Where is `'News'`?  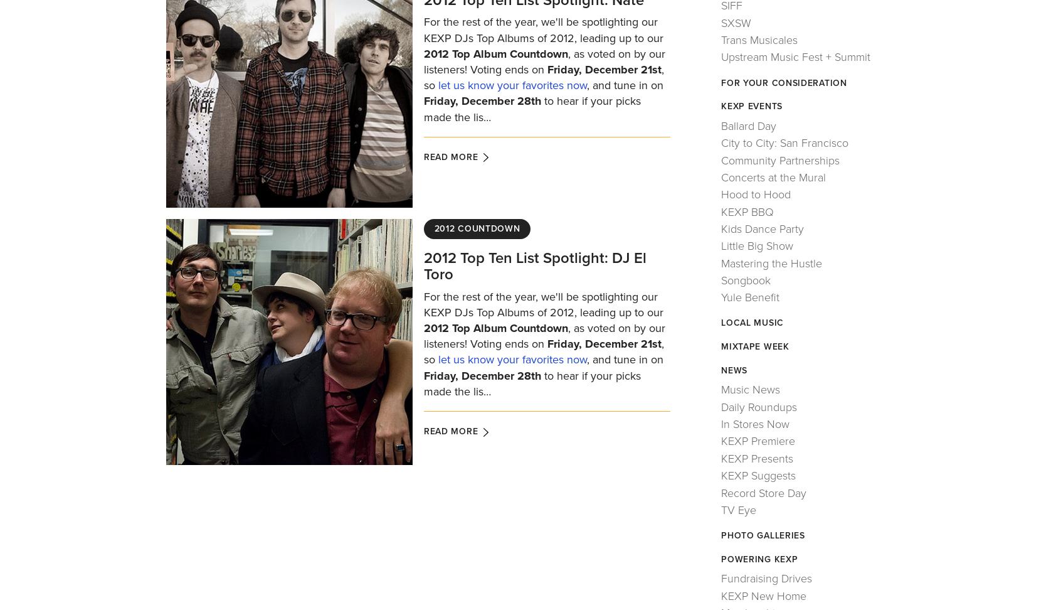 'News' is located at coordinates (734, 369).